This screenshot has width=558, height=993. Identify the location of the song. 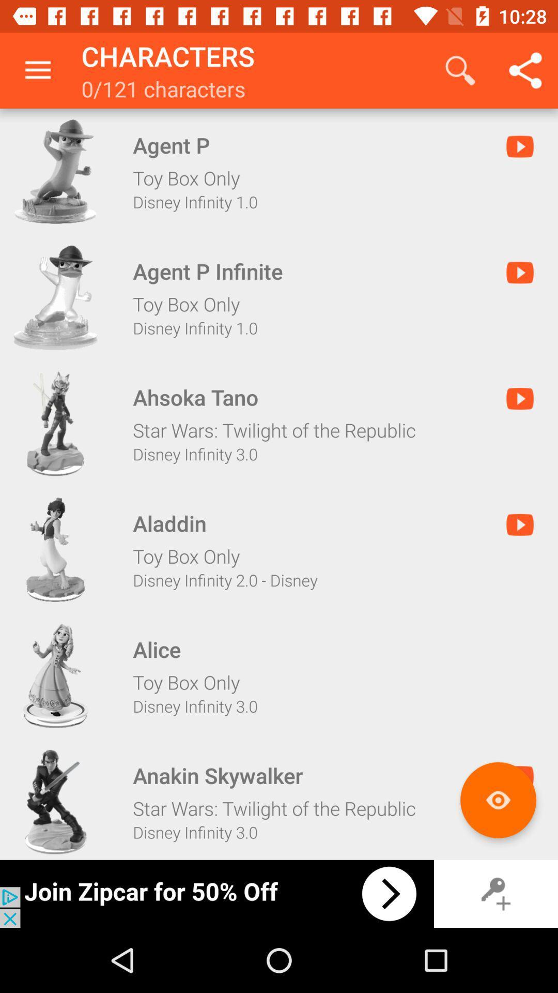
(55, 171).